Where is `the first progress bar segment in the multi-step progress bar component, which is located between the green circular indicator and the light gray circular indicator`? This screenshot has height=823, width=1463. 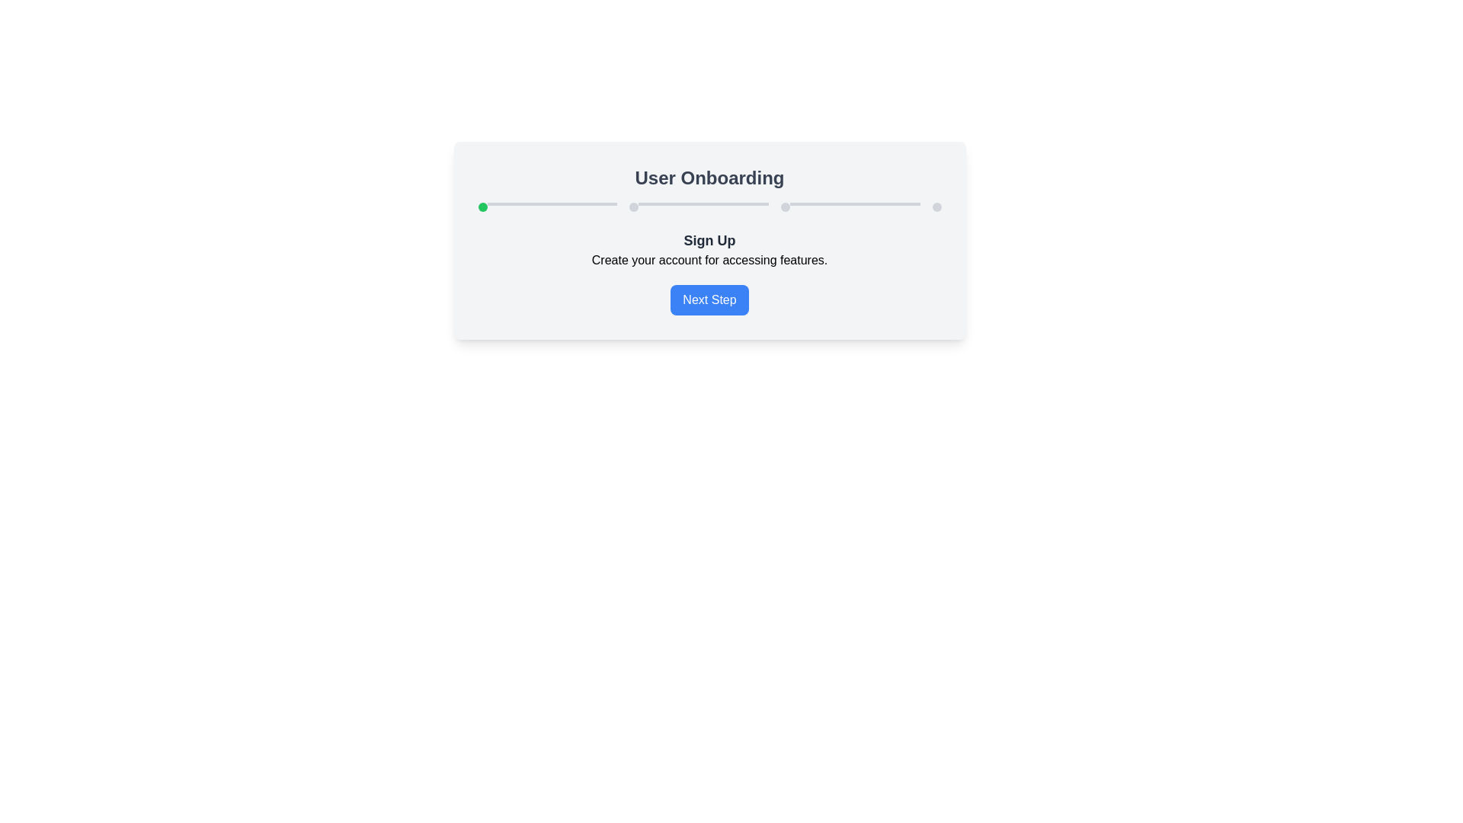
the first progress bar segment in the multi-step progress bar component, which is located between the green circular indicator and the light gray circular indicator is located at coordinates (551, 203).